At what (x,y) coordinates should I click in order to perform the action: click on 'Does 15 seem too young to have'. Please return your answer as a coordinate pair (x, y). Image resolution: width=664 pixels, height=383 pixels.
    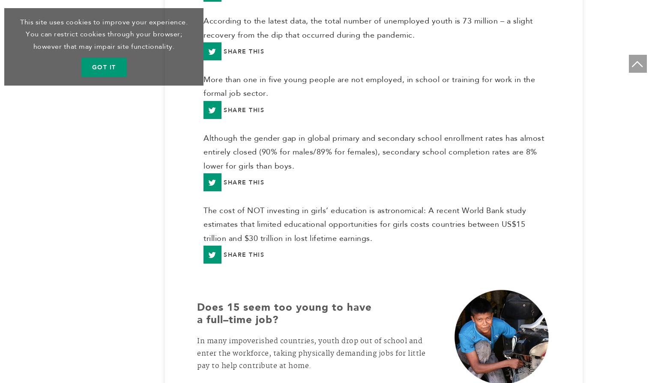
    Looking at the image, I should click on (284, 311).